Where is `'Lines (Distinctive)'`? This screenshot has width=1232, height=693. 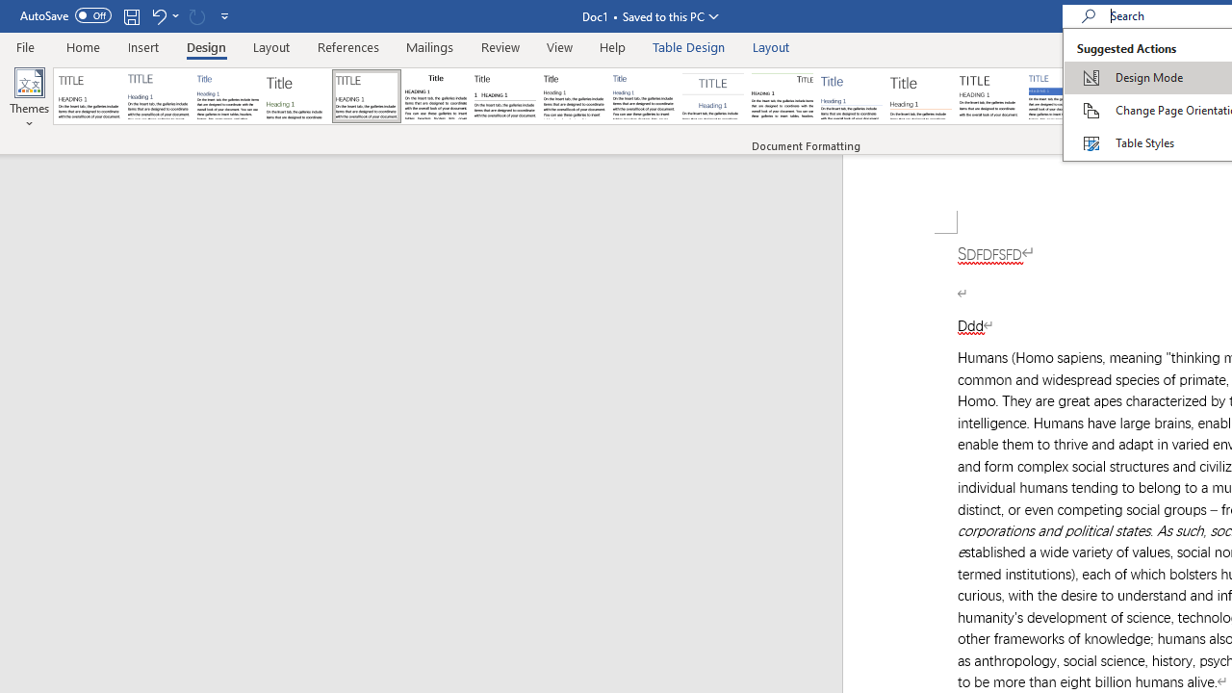 'Lines (Distinctive)' is located at coordinates (782, 96).